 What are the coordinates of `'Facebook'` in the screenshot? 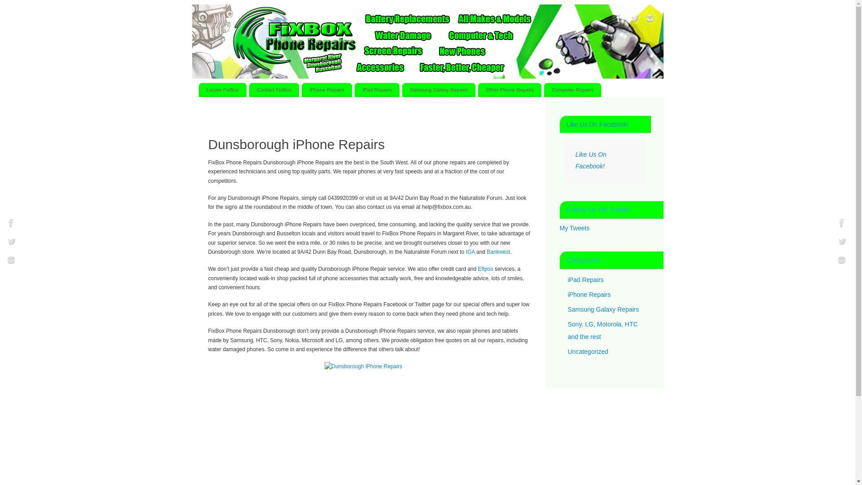 It's located at (841, 223).